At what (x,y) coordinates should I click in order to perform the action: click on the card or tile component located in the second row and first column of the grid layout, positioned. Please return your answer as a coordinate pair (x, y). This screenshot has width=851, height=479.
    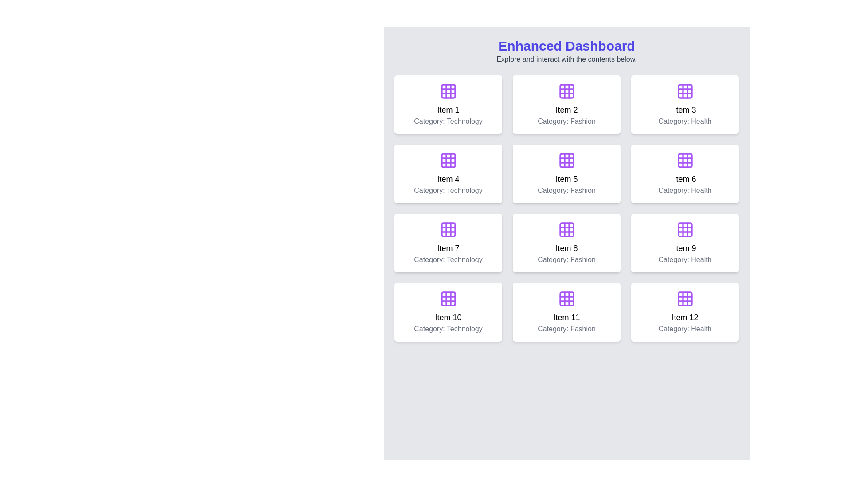
    Looking at the image, I should click on (448, 174).